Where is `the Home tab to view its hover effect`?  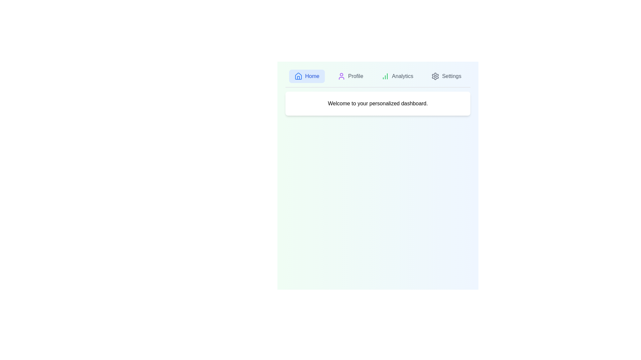 the Home tab to view its hover effect is located at coordinates (306, 76).